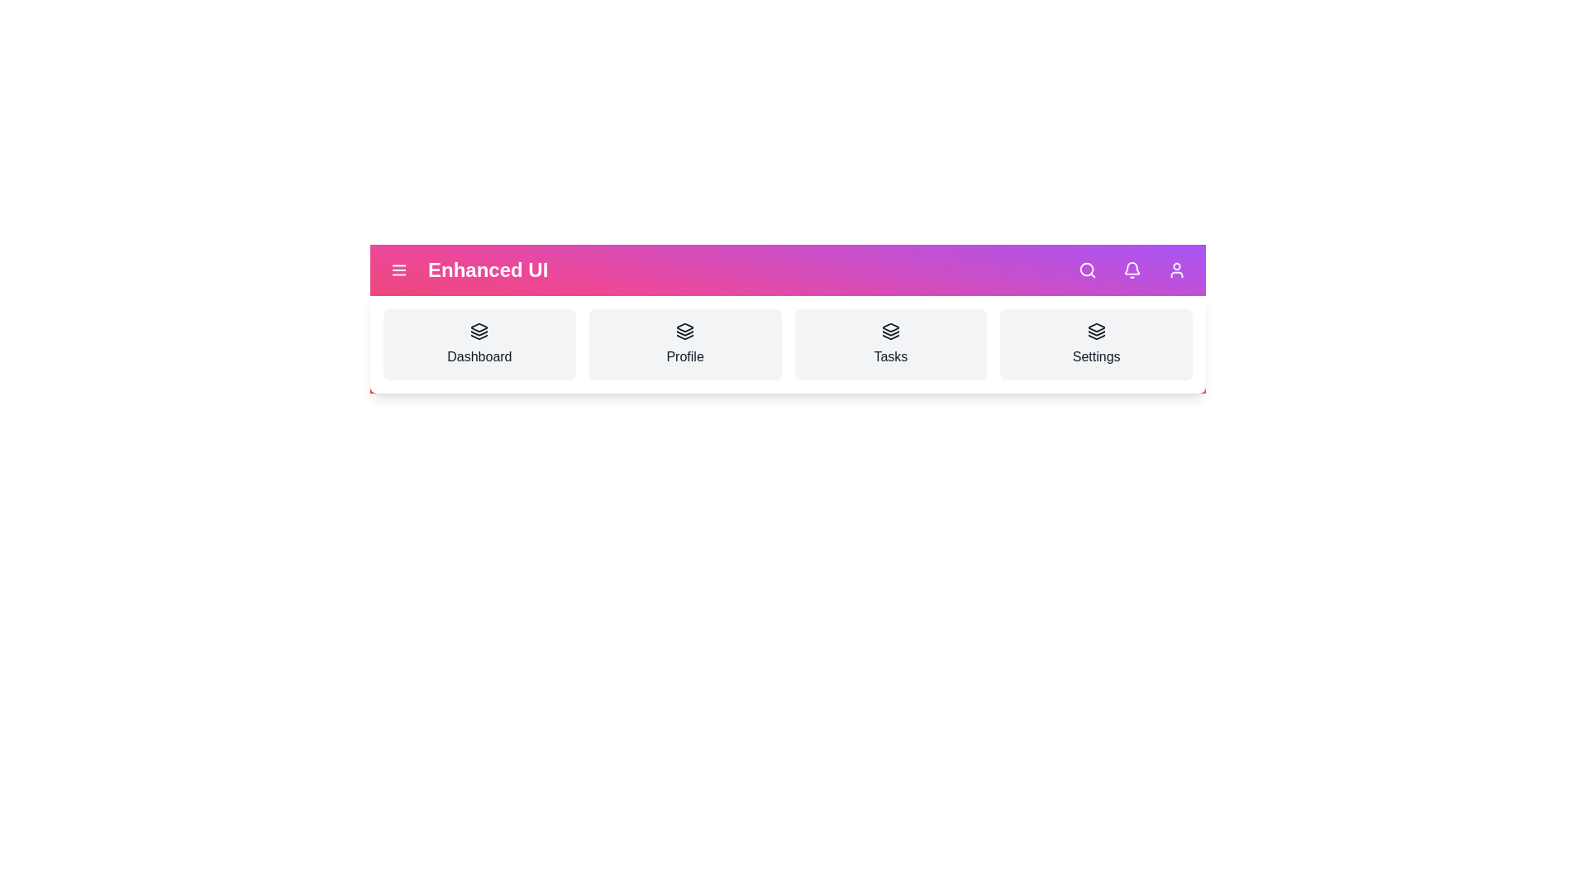 The image size is (1587, 893). Describe the element at coordinates (1087, 270) in the screenshot. I see `the search button located on the right side of the EnhancedAppBar` at that location.